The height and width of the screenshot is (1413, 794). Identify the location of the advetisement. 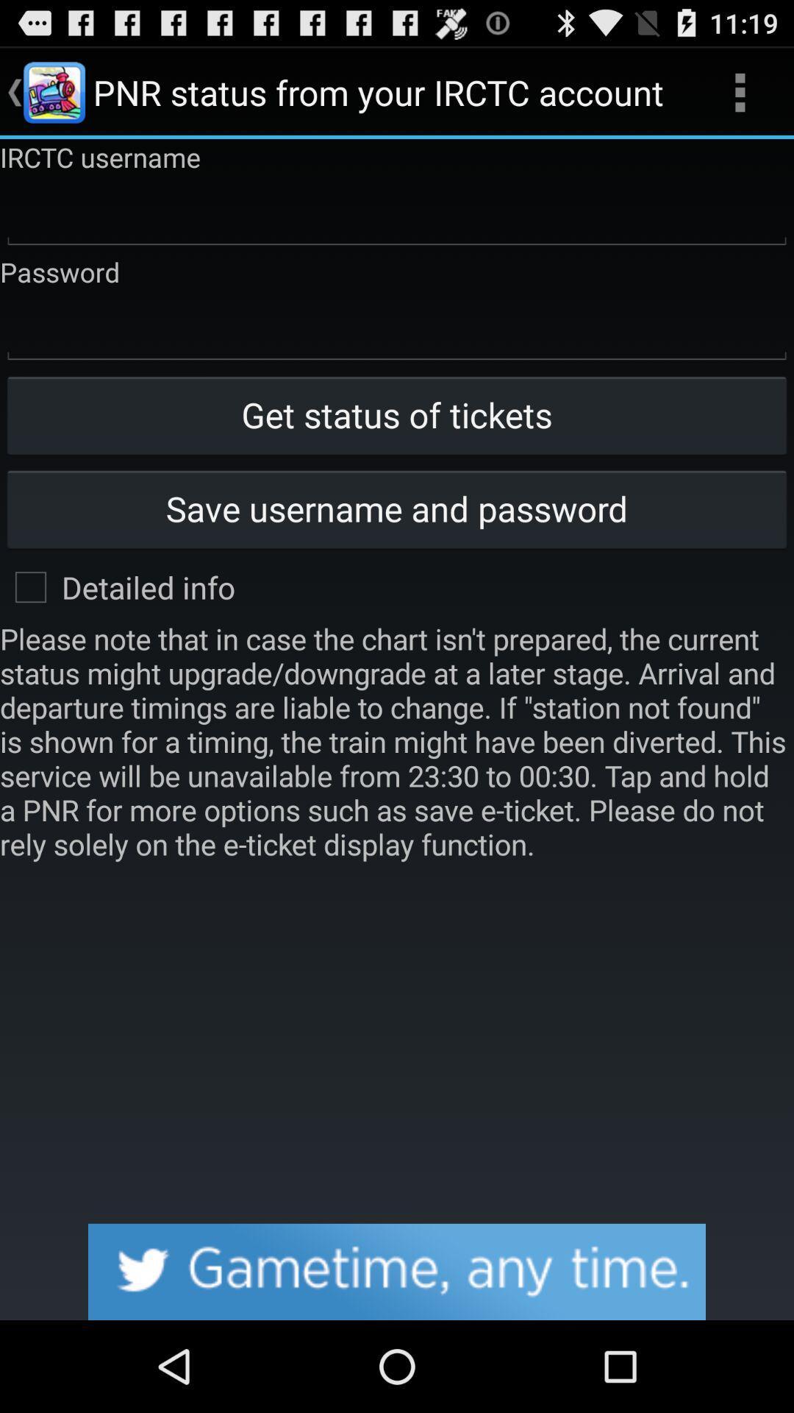
(397, 1271).